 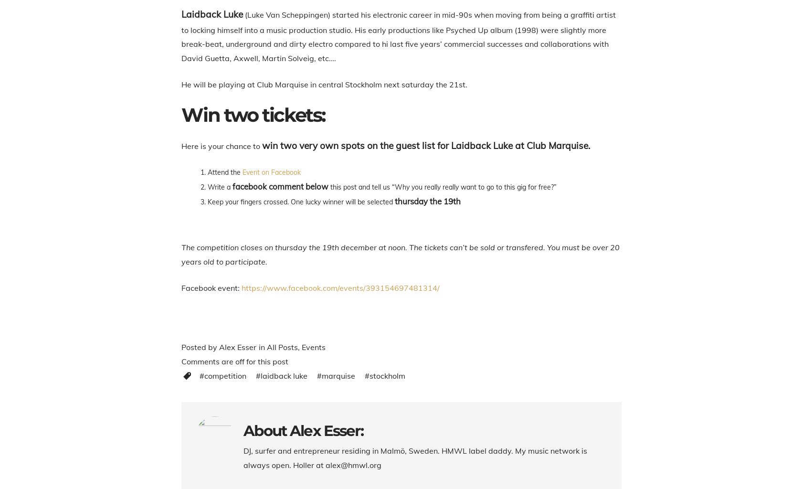 I want to click on 'this post and tell us “Why you really really want to go to this gig for free?”', so click(x=443, y=186).